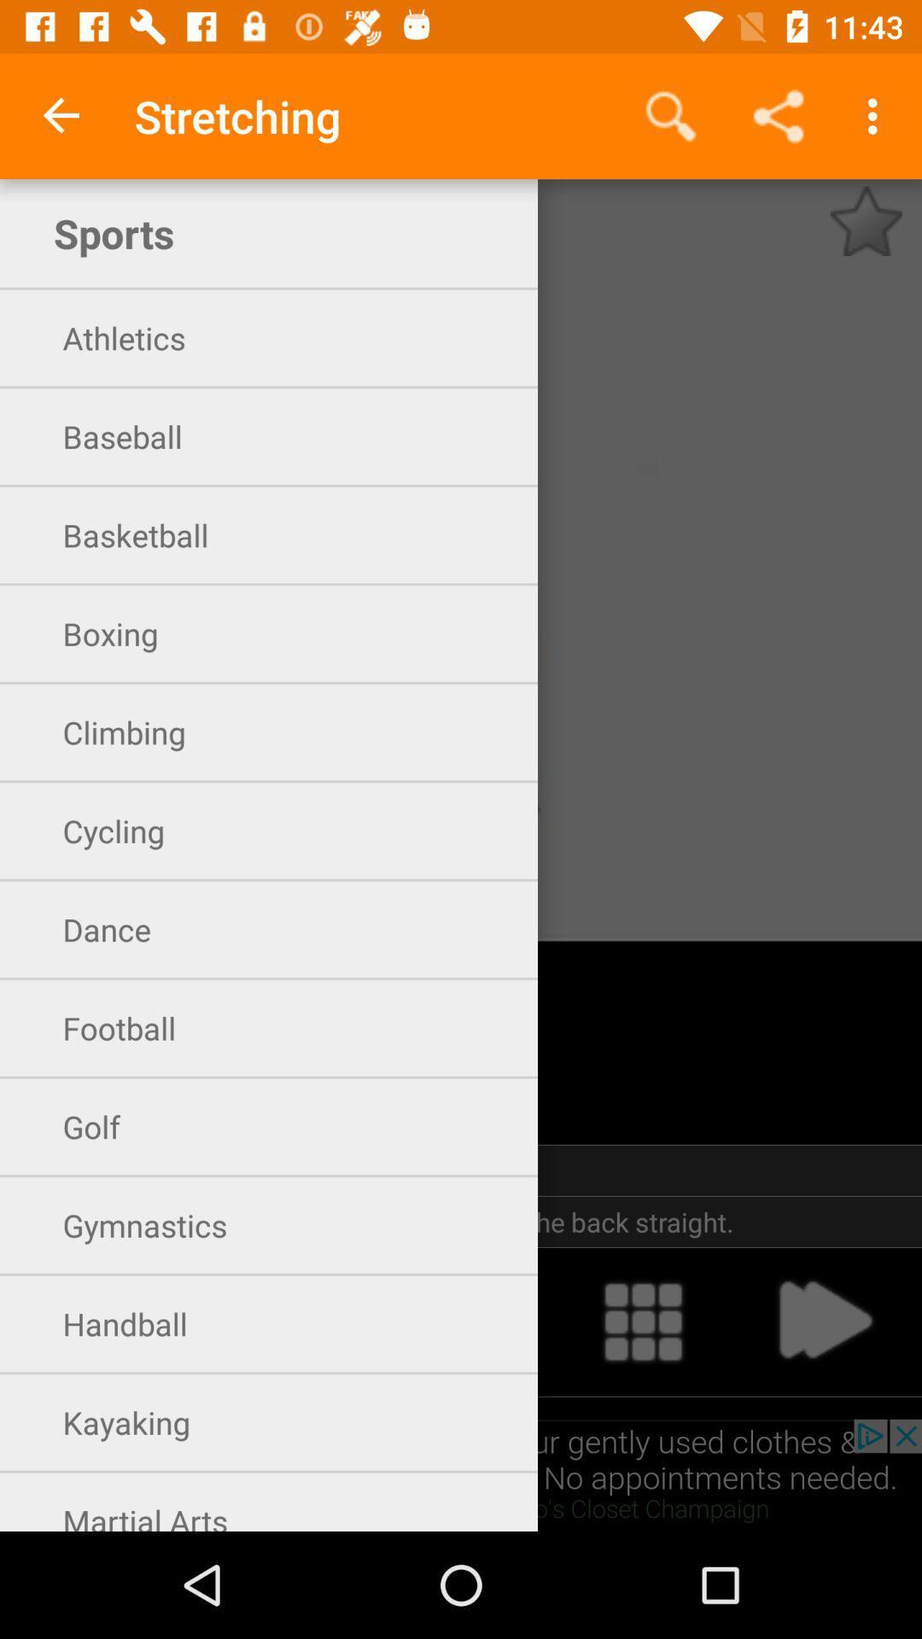 This screenshot has height=1639, width=922. What do you see at coordinates (61, 115) in the screenshot?
I see `item above the 7/16 item` at bounding box center [61, 115].